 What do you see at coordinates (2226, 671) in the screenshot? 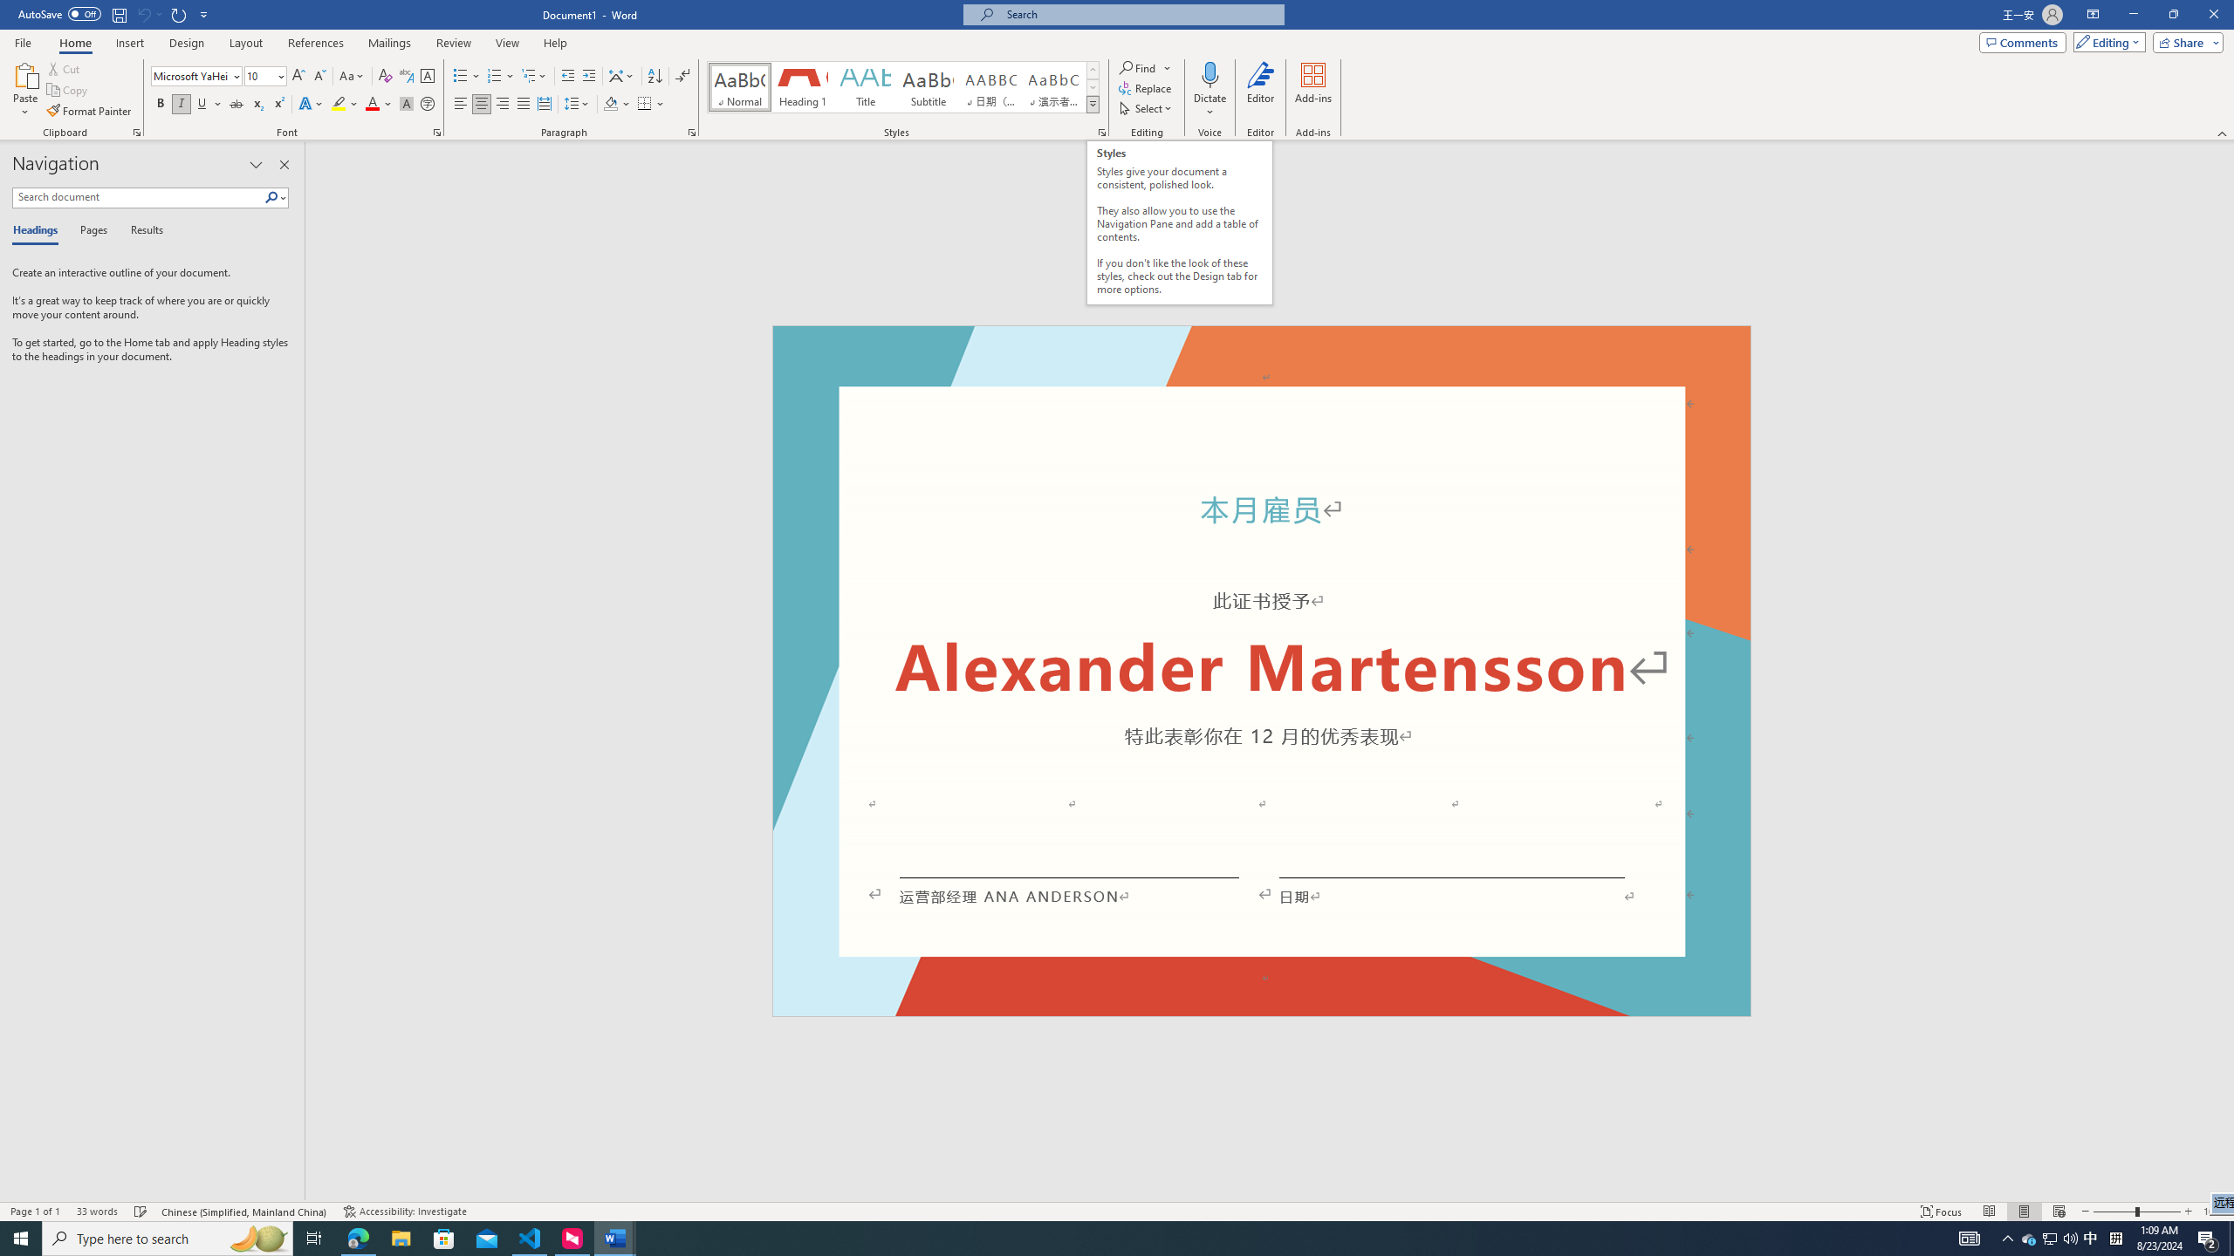
I see `'Class: NetUIScrollBar'` at bounding box center [2226, 671].